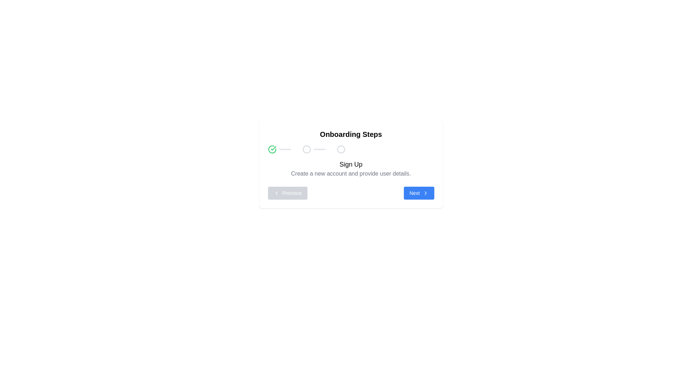 Image resolution: width=688 pixels, height=387 pixels. What do you see at coordinates (425, 193) in the screenshot?
I see `the style of the chevron icon located at the far right of the blue rectangular button labeled 'Next' in the bottom-right corner of the onboarding card` at bounding box center [425, 193].